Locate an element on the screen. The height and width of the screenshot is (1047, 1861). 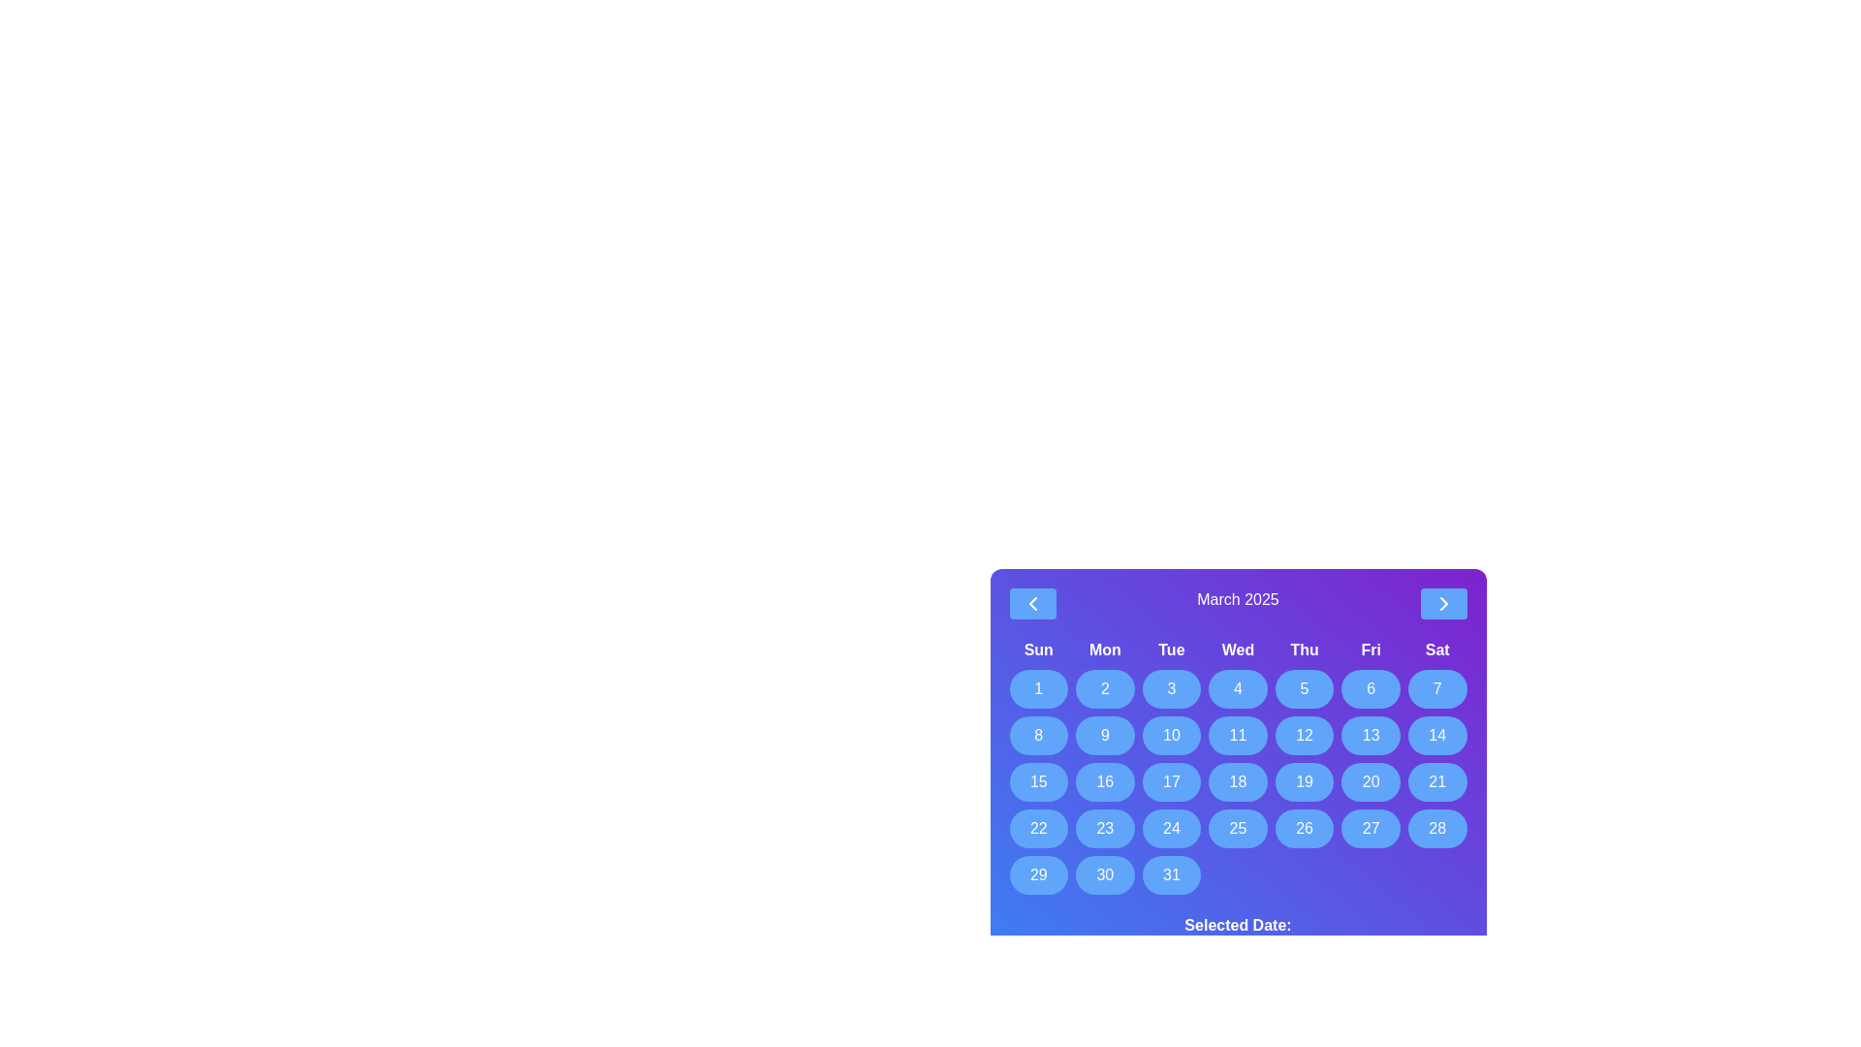
the circular button displaying the number '29' located is located at coordinates (1037, 874).